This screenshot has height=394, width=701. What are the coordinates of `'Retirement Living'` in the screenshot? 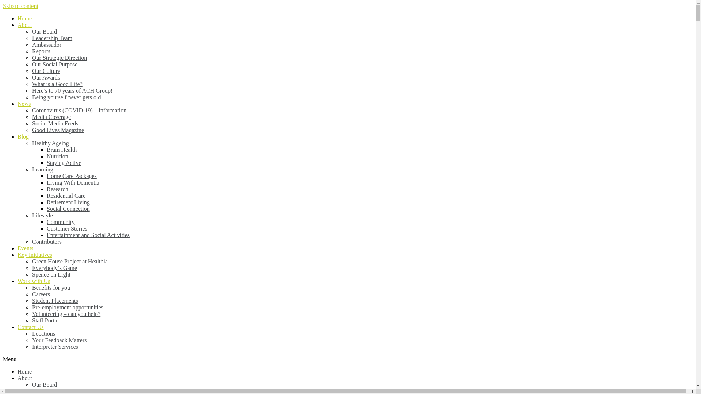 It's located at (68, 202).